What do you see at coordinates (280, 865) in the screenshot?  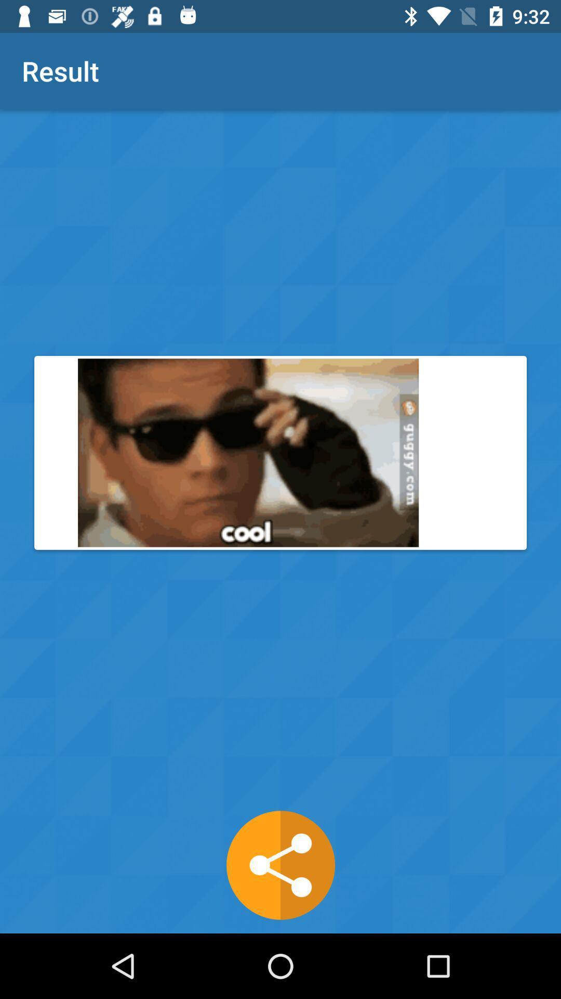 I see `the share icon` at bounding box center [280, 865].